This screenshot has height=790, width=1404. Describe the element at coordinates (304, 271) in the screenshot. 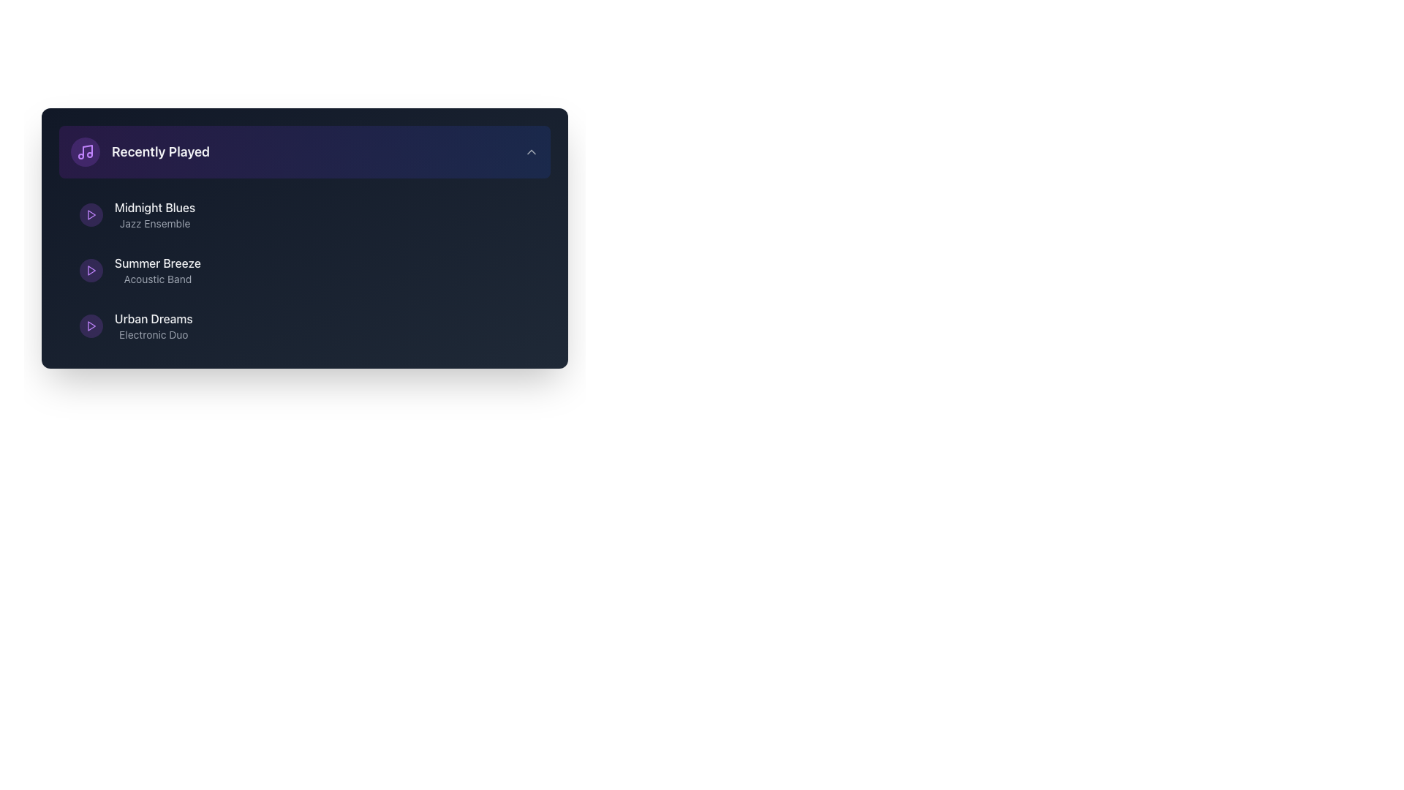

I see `the track item labeled 'Summer Breeze' in the vertical list` at that location.